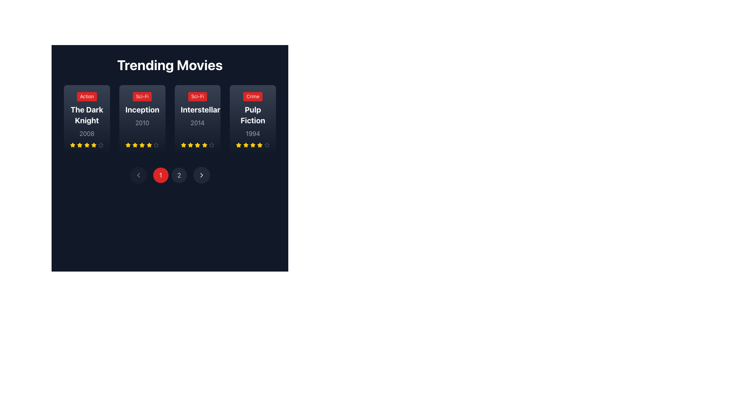  What do you see at coordinates (179, 175) in the screenshot?
I see `the pagination control button, which is the second button labeled '2' in the multi-page view` at bounding box center [179, 175].